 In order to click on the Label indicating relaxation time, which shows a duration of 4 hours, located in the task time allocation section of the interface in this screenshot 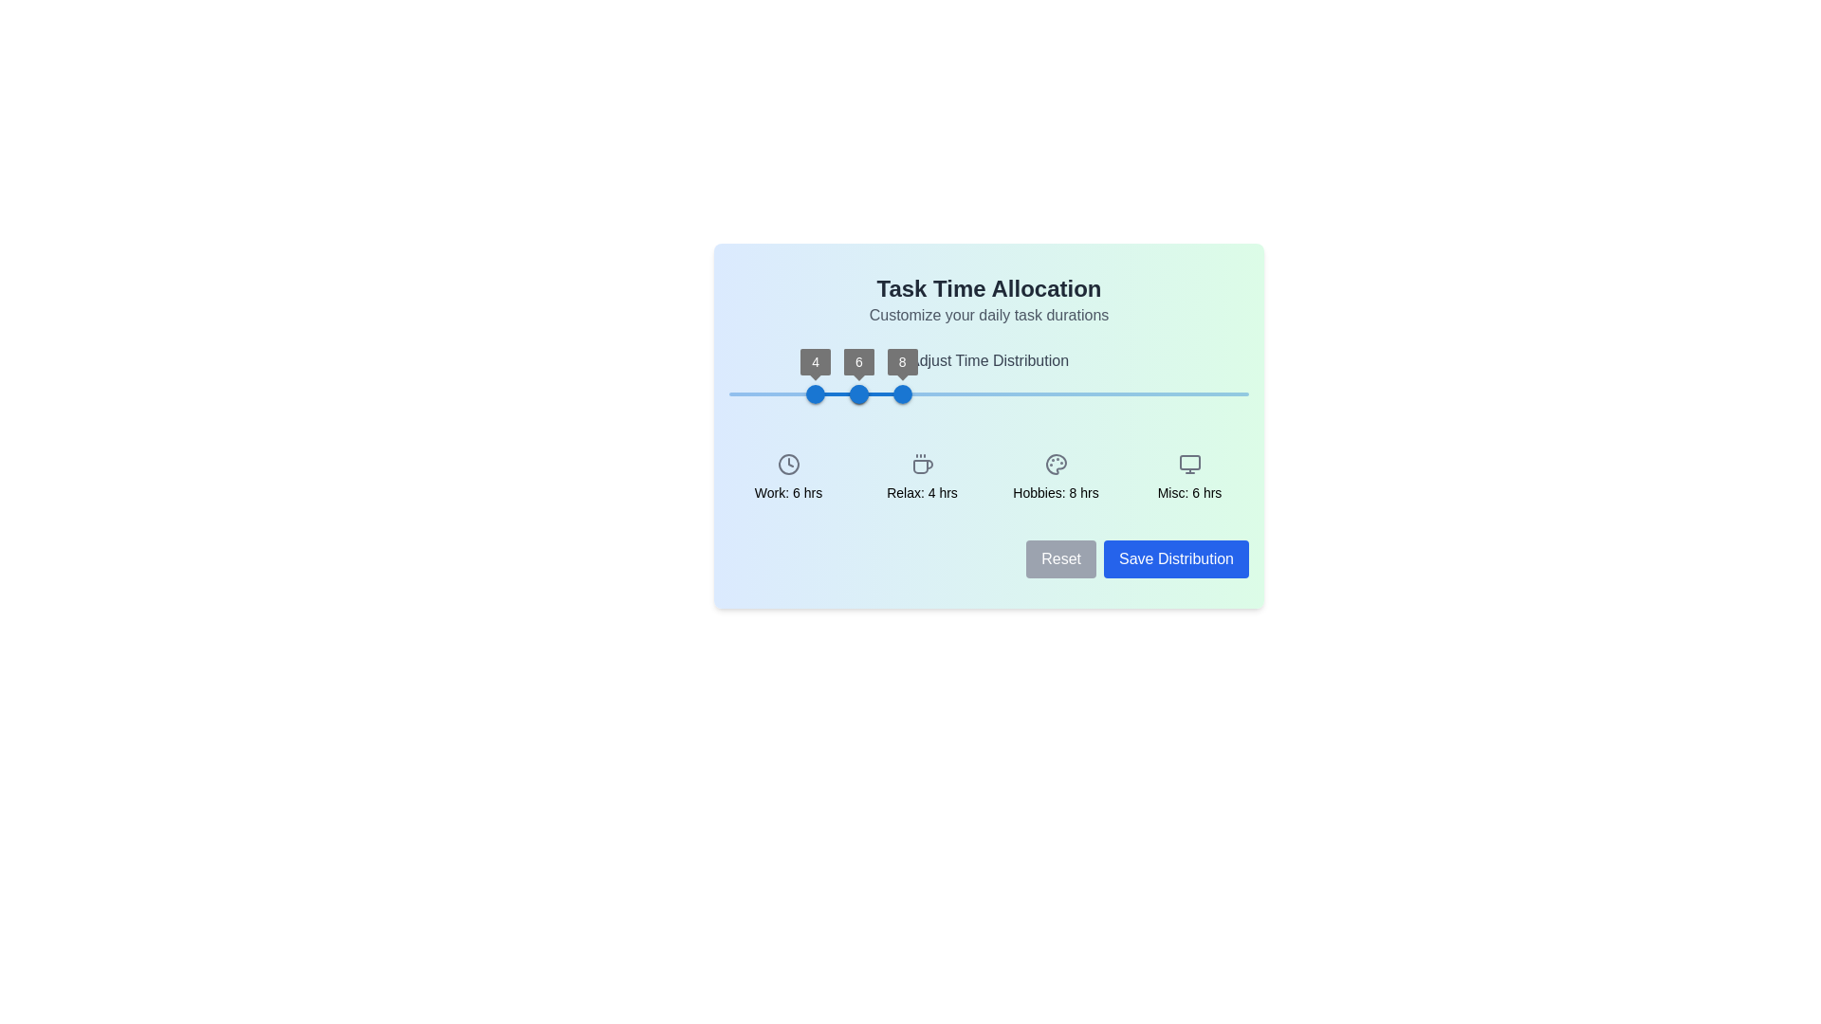, I will do `click(922, 477)`.